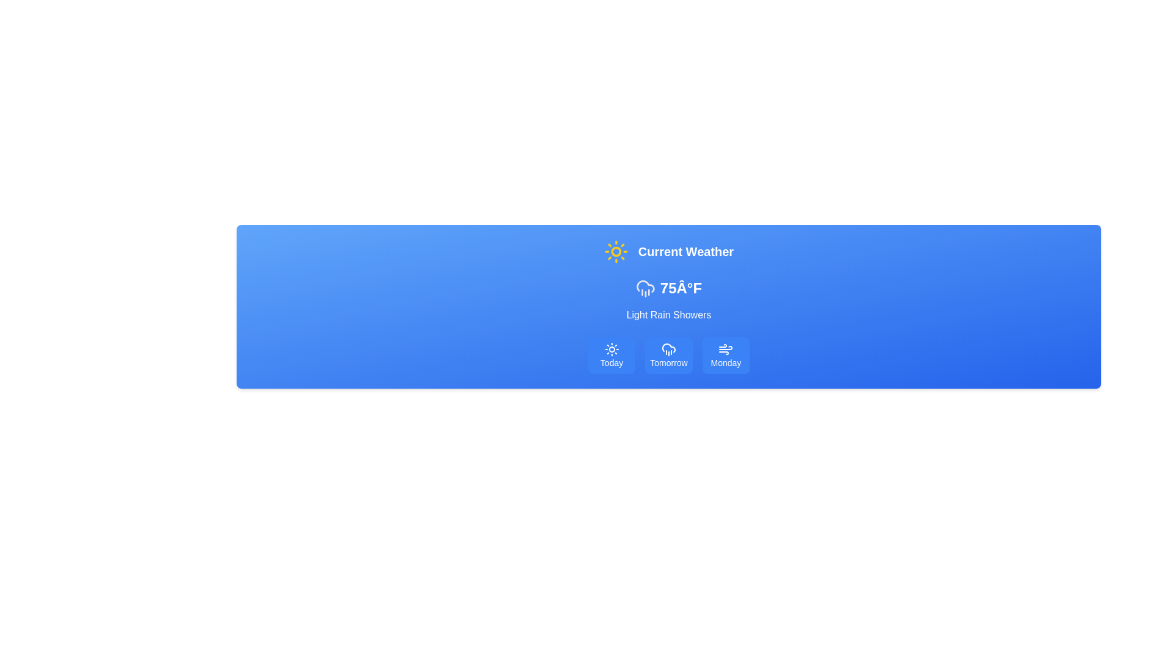 Image resolution: width=1174 pixels, height=660 pixels. I want to click on text content of the Text label that provides additional weather information about the current atmospheric condition, located at the bottom of the vertical group containing the temperature and weather icon, so click(668, 315).